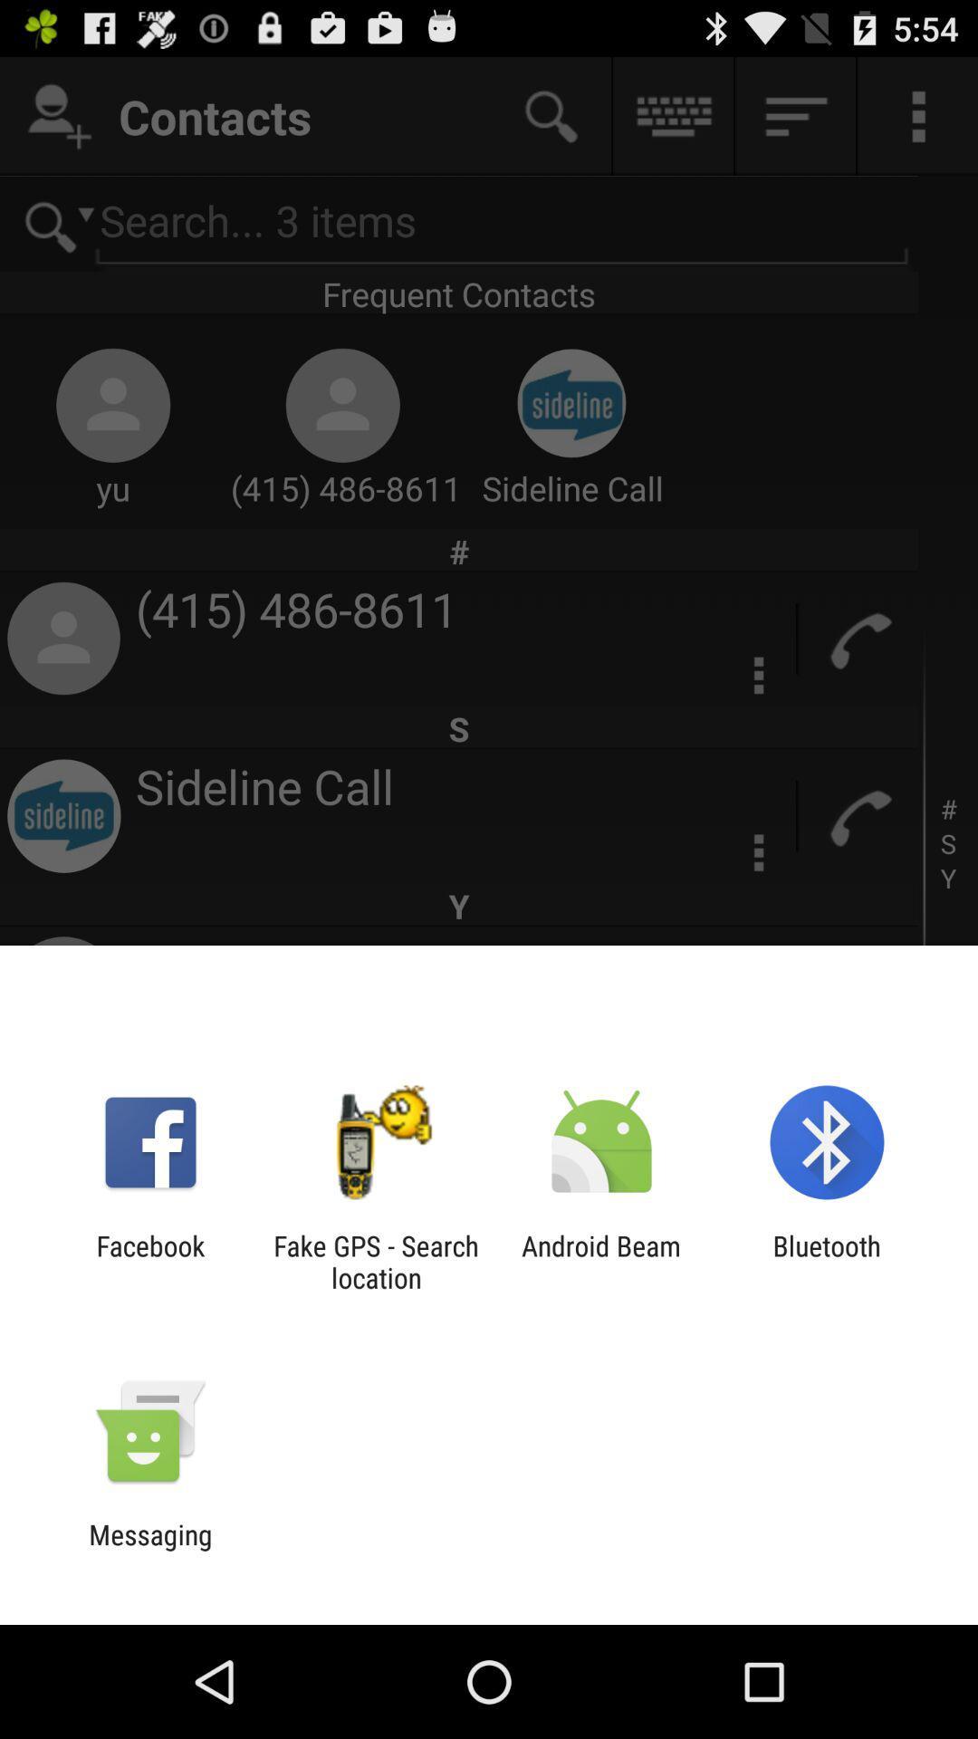 This screenshot has width=978, height=1739. What do you see at coordinates (827, 1261) in the screenshot?
I see `the app at the bottom right corner` at bounding box center [827, 1261].